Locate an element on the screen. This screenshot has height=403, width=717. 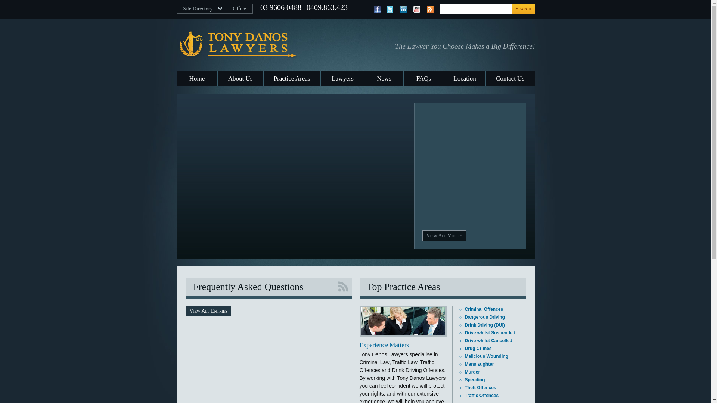
'Traffic Offences' is located at coordinates (481, 395).